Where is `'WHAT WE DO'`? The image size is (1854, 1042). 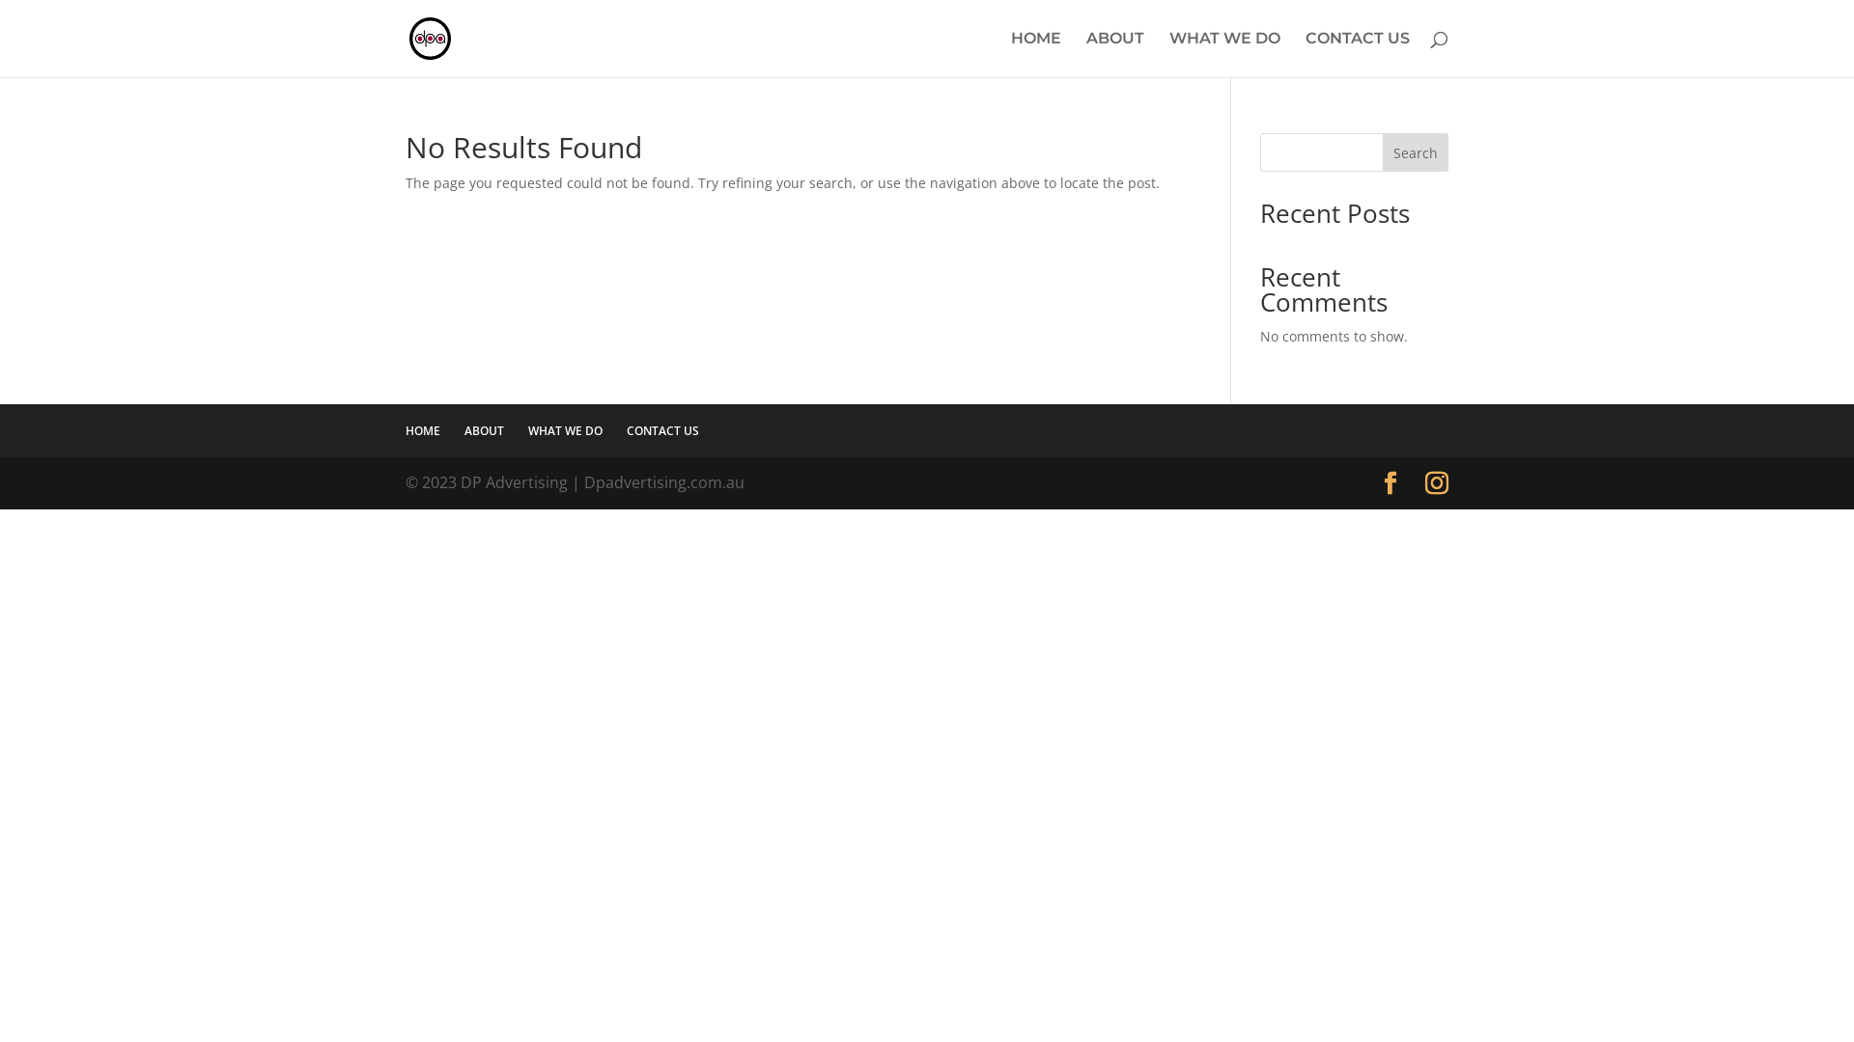 'WHAT WE DO' is located at coordinates (564, 429).